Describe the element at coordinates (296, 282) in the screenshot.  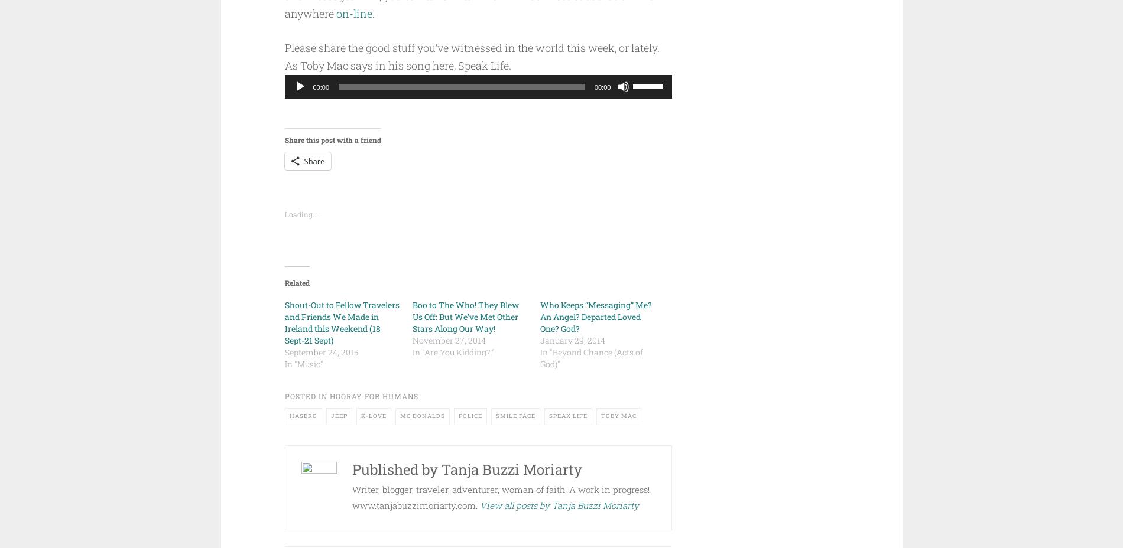
I see `'Related'` at that location.